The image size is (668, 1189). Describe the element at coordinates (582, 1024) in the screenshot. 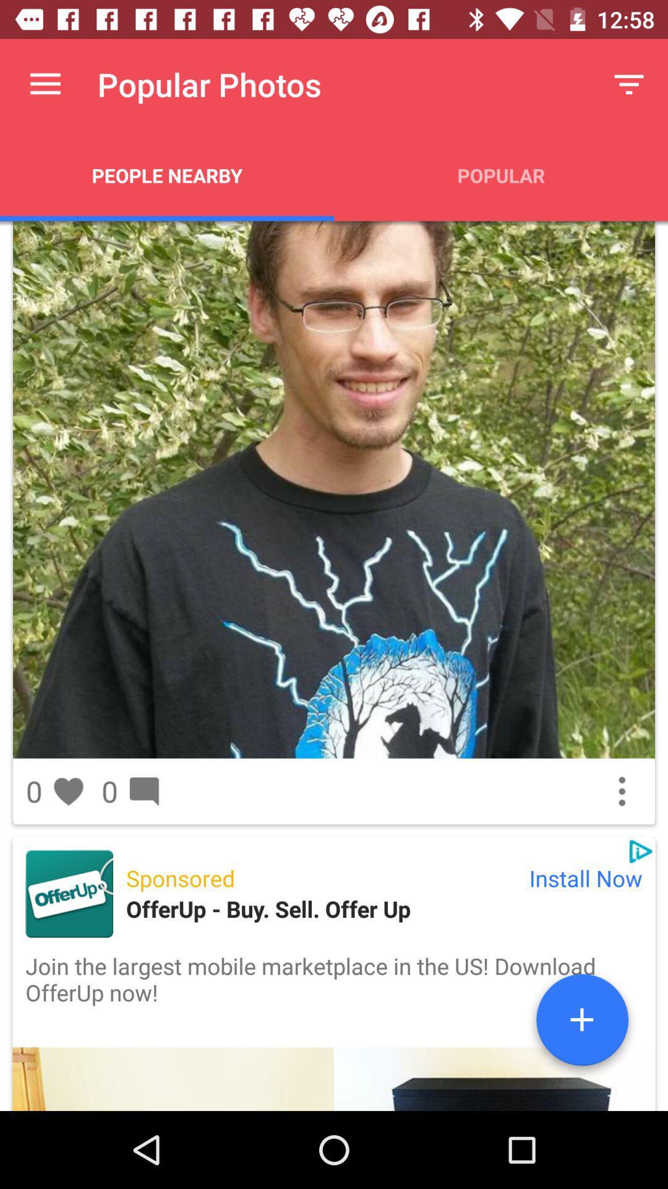

I see `the add icon` at that location.